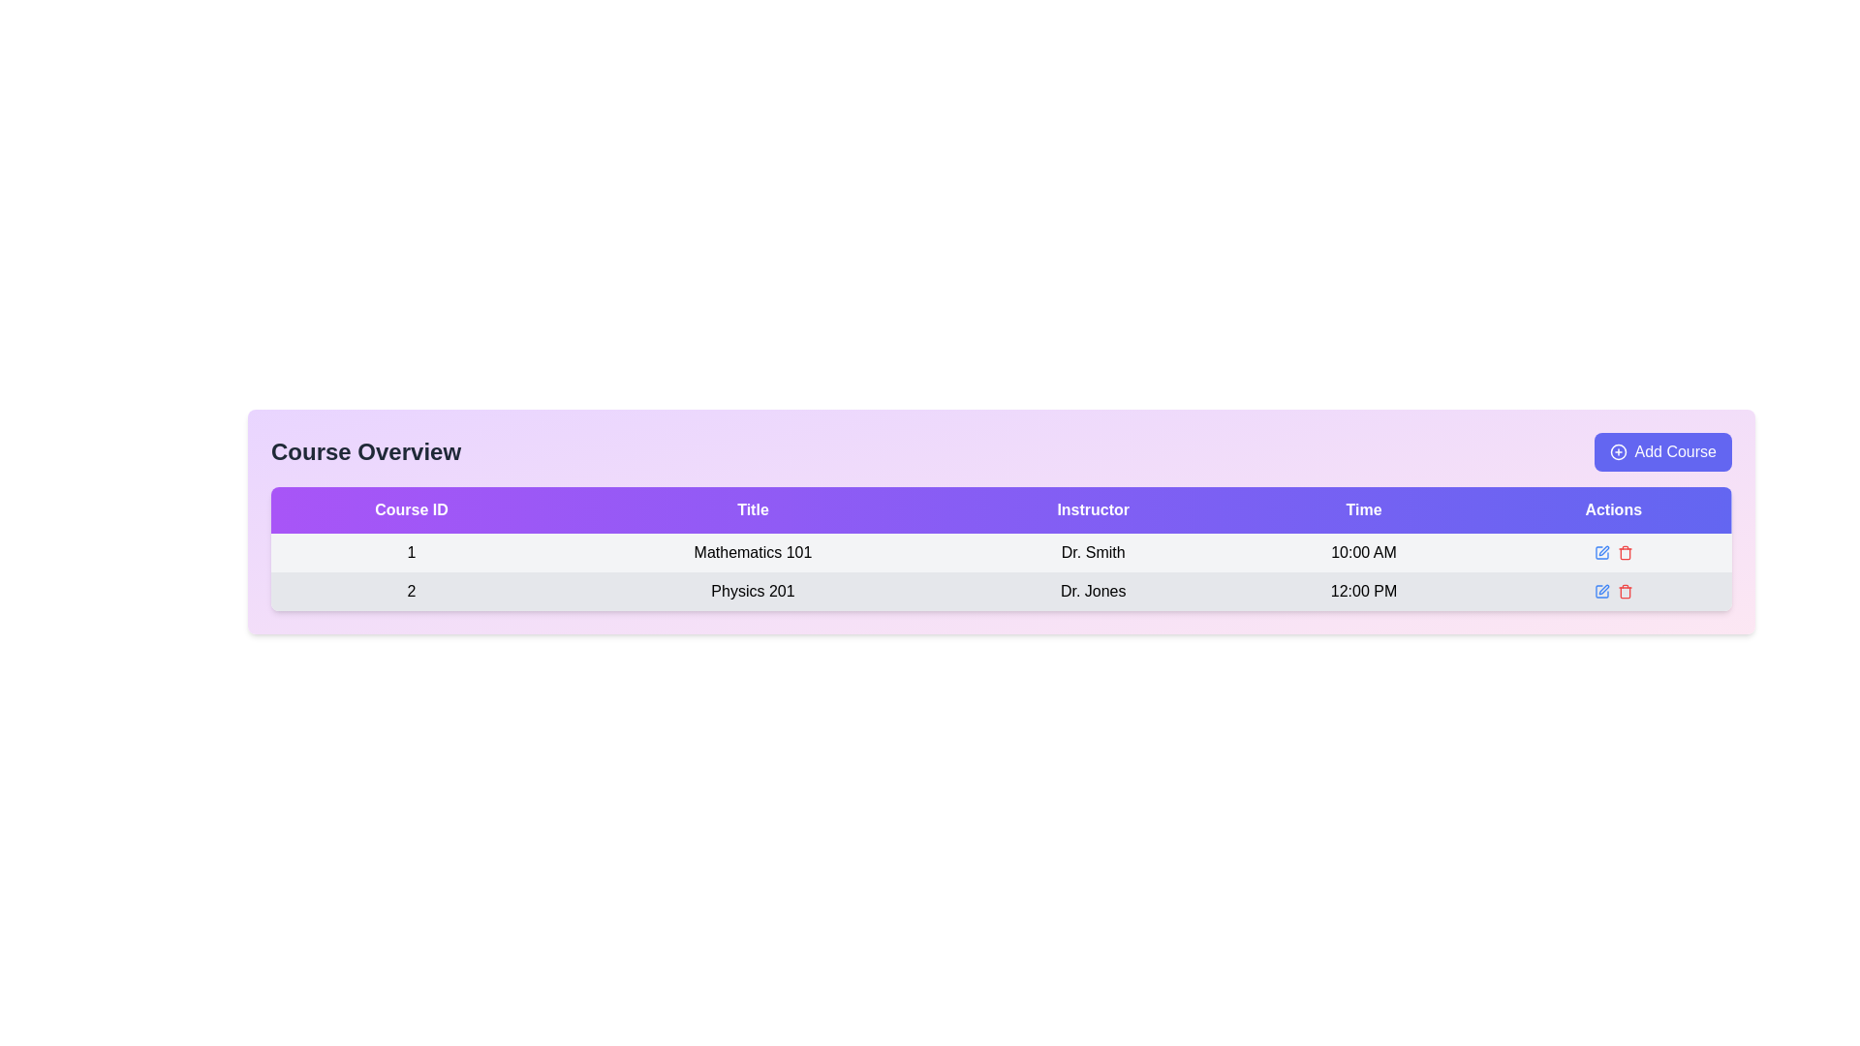 The width and height of the screenshot is (1860, 1046). Describe the element at coordinates (1362, 590) in the screenshot. I see `the non-interactive text label displaying the scheduled time ('12:00 PM') for a course in the second row of the table under the 'Course Overview' section` at that location.